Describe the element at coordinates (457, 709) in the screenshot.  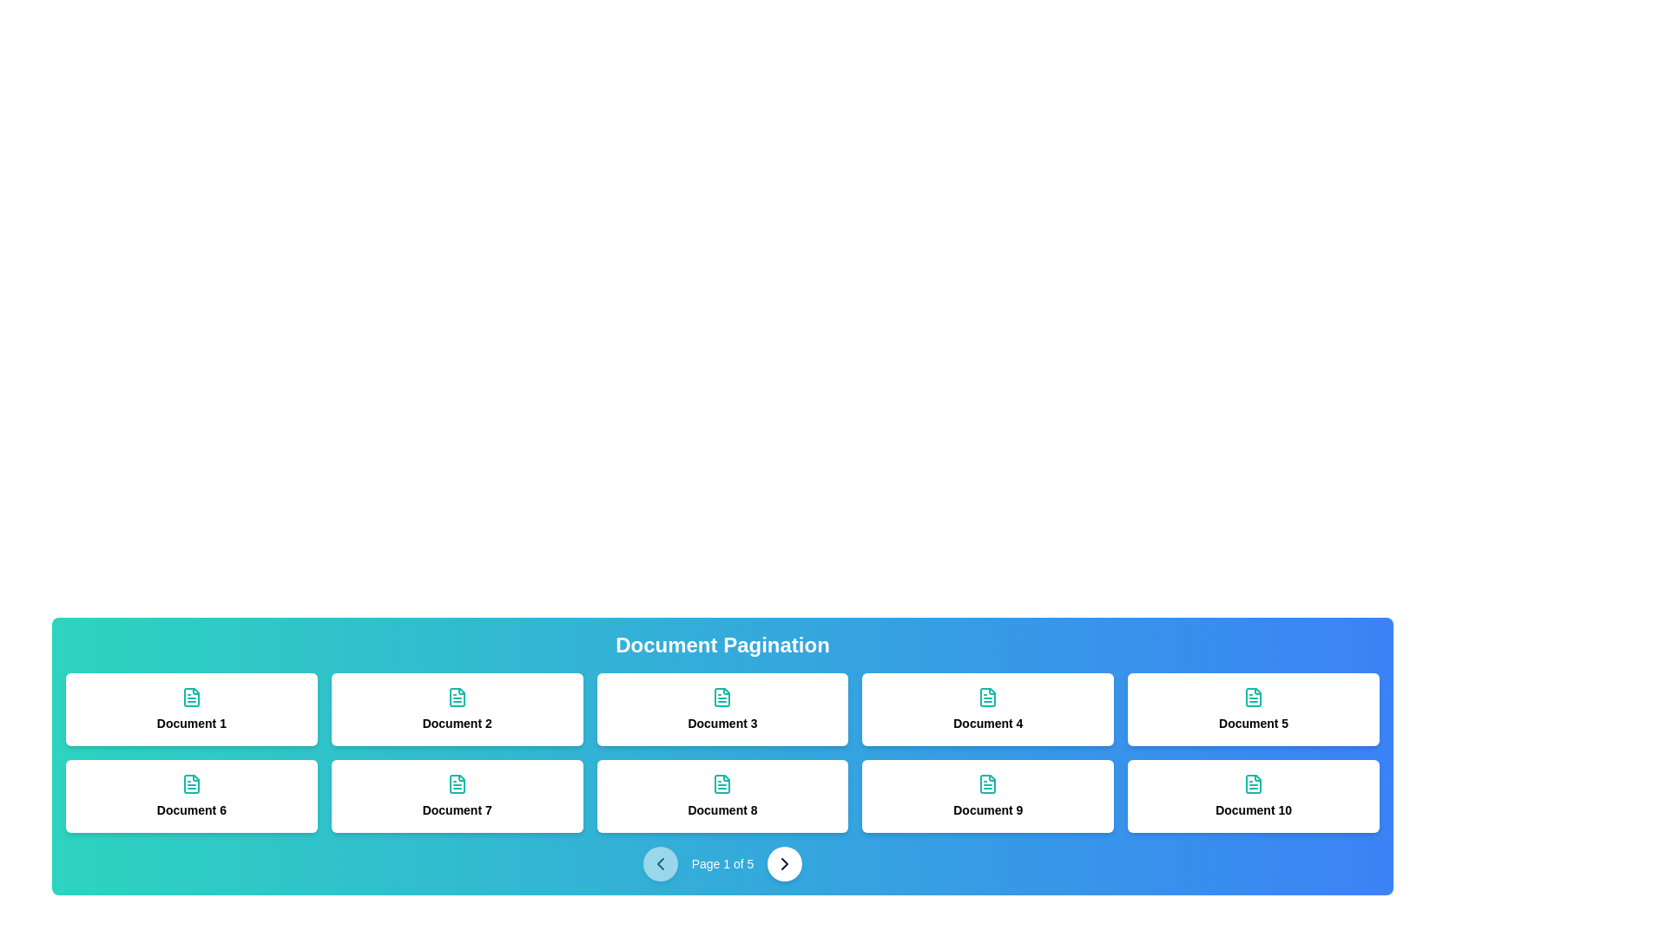
I see `the interactive card representing 'Document 2', which is the second card in the first row of a 5-column grid layout` at that location.